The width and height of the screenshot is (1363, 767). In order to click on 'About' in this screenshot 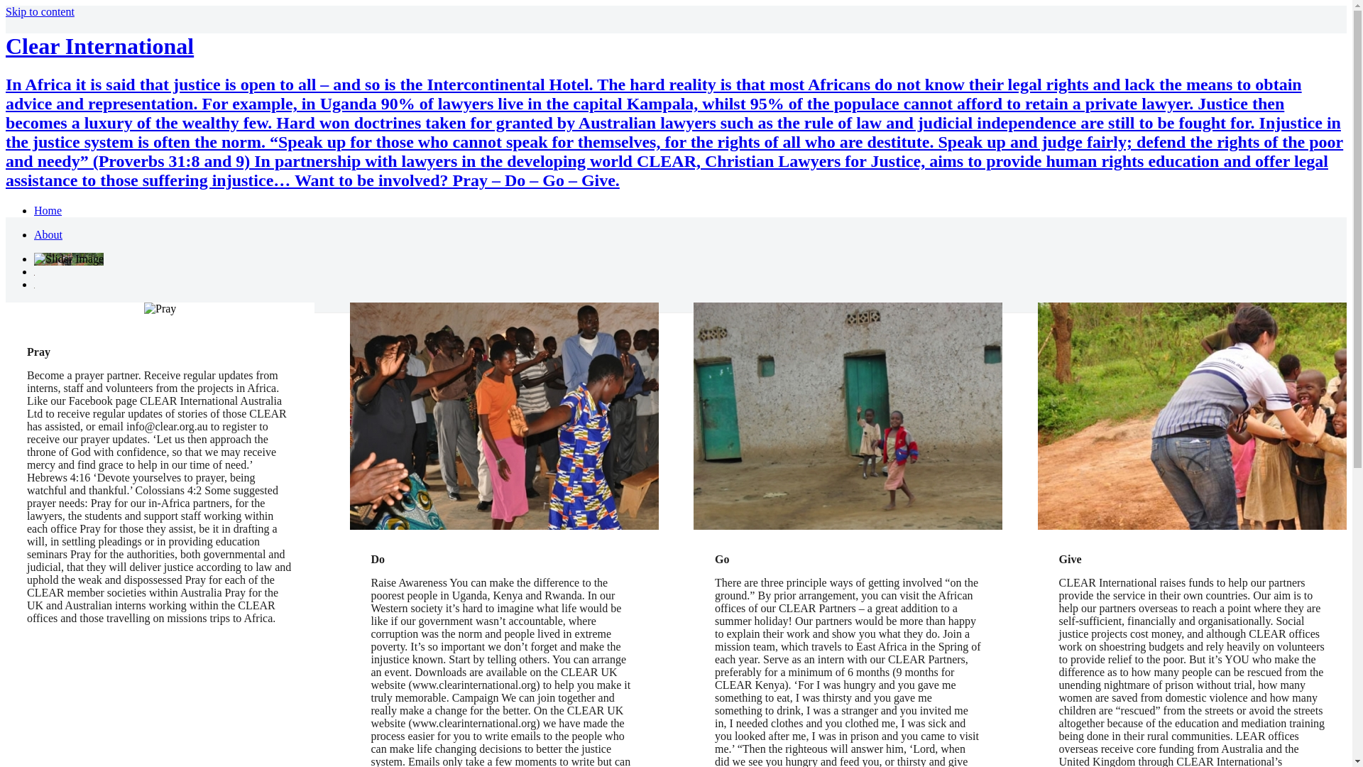, I will do `click(48, 234)`.